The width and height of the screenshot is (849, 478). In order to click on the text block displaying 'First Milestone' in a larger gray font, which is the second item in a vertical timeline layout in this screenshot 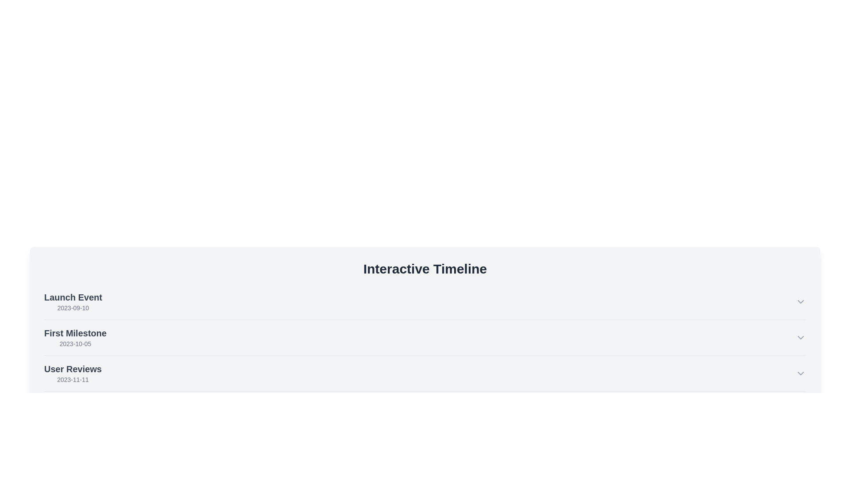, I will do `click(75, 338)`.